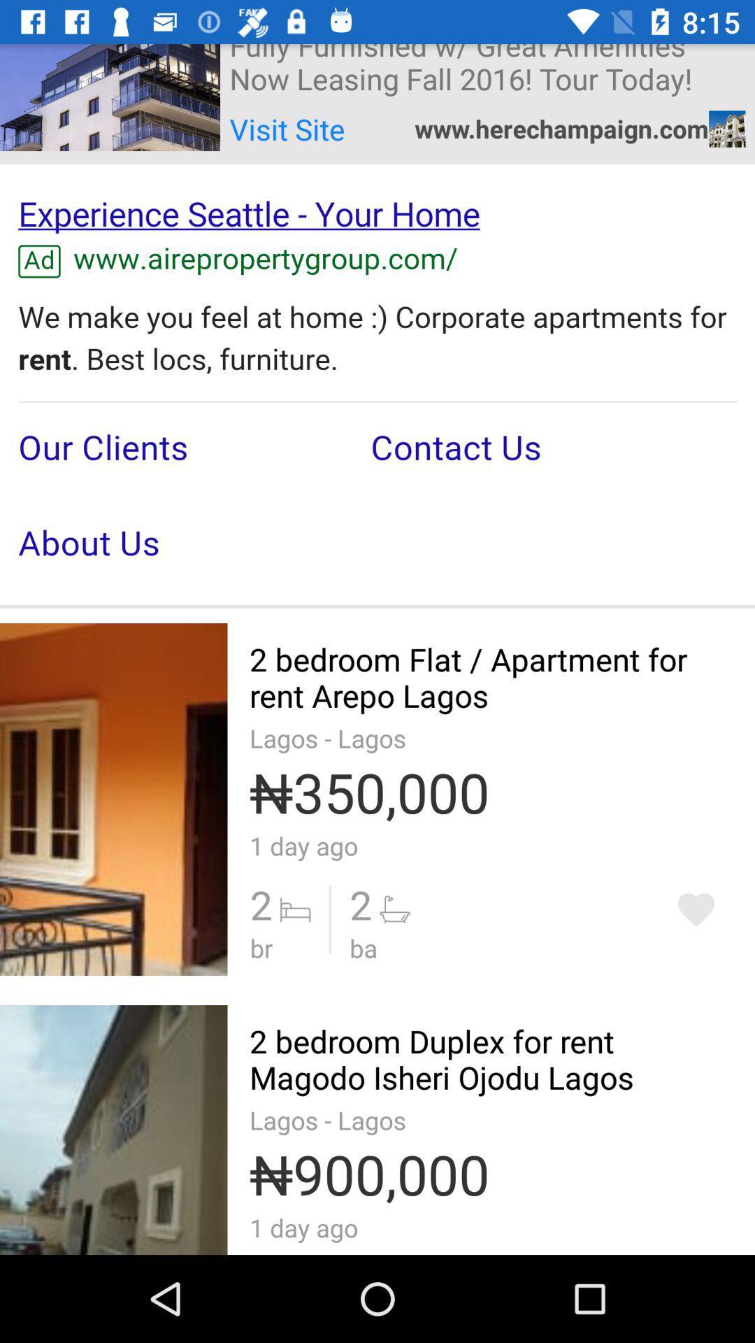 Image resolution: width=755 pixels, height=1343 pixels. Describe the element at coordinates (377, 384) in the screenshot. I see `advertisement` at that location.